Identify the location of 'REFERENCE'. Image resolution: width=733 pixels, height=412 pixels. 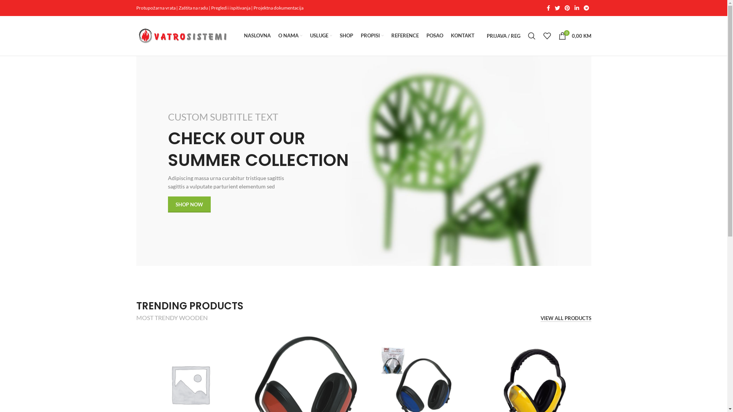
(404, 35).